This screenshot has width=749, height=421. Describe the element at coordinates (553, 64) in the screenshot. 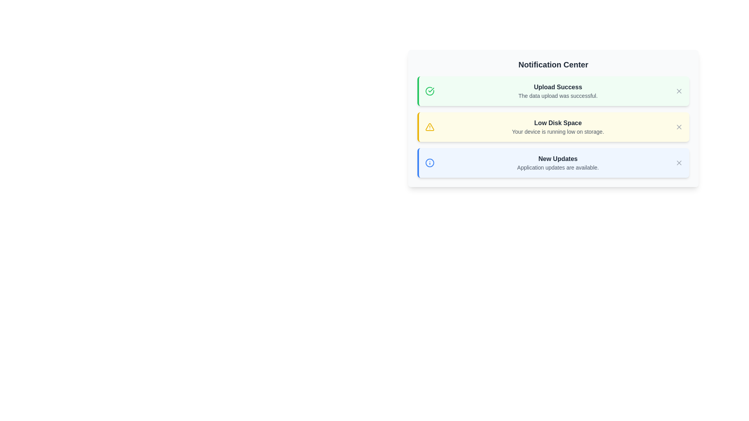

I see `the 'Notification Center' text label, which is displayed in bold, extra-large dark gray font at the top of the notification panel` at that location.